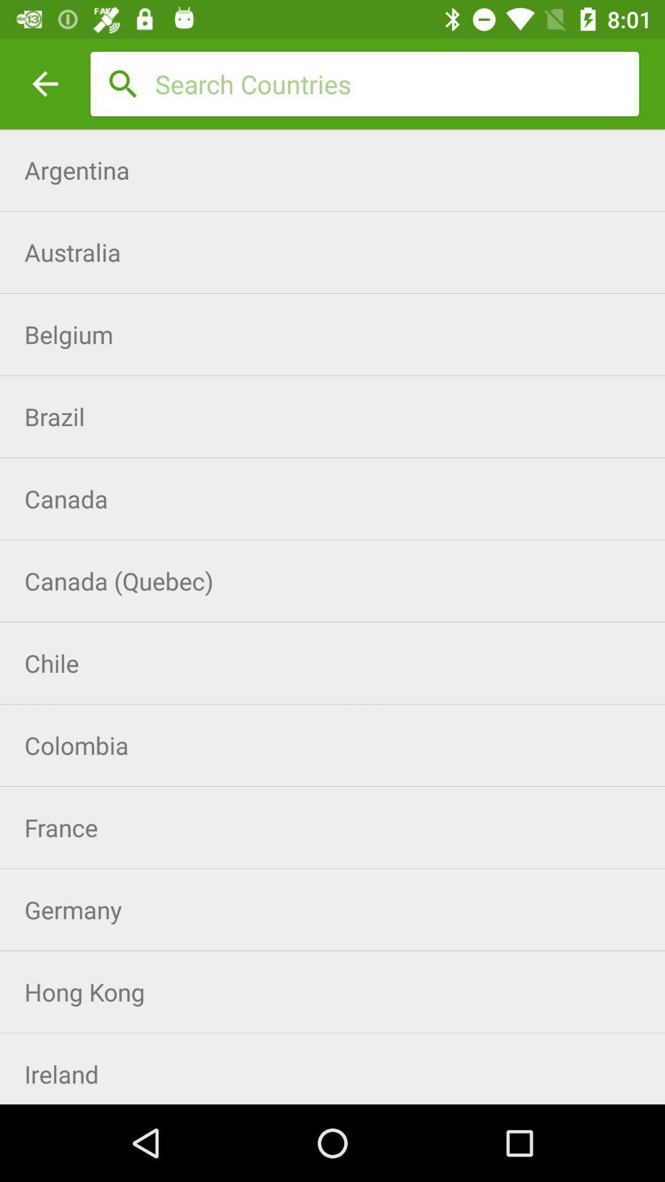  What do you see at coordinates (332, 416) in the screenshot?
I see `brazil` at bounding box center [332, 416].